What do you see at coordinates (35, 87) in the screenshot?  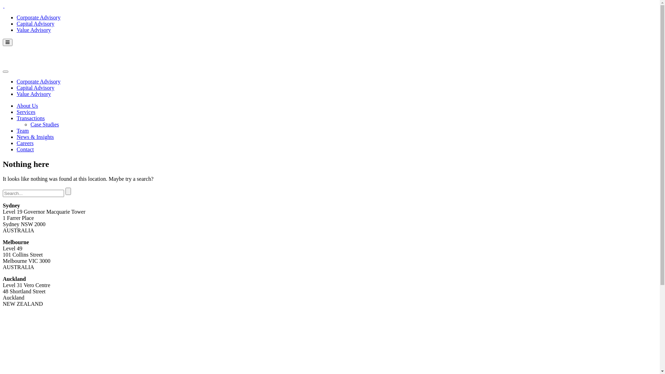 I see `'Capital Advisory'` at bounding box center [35, 87].